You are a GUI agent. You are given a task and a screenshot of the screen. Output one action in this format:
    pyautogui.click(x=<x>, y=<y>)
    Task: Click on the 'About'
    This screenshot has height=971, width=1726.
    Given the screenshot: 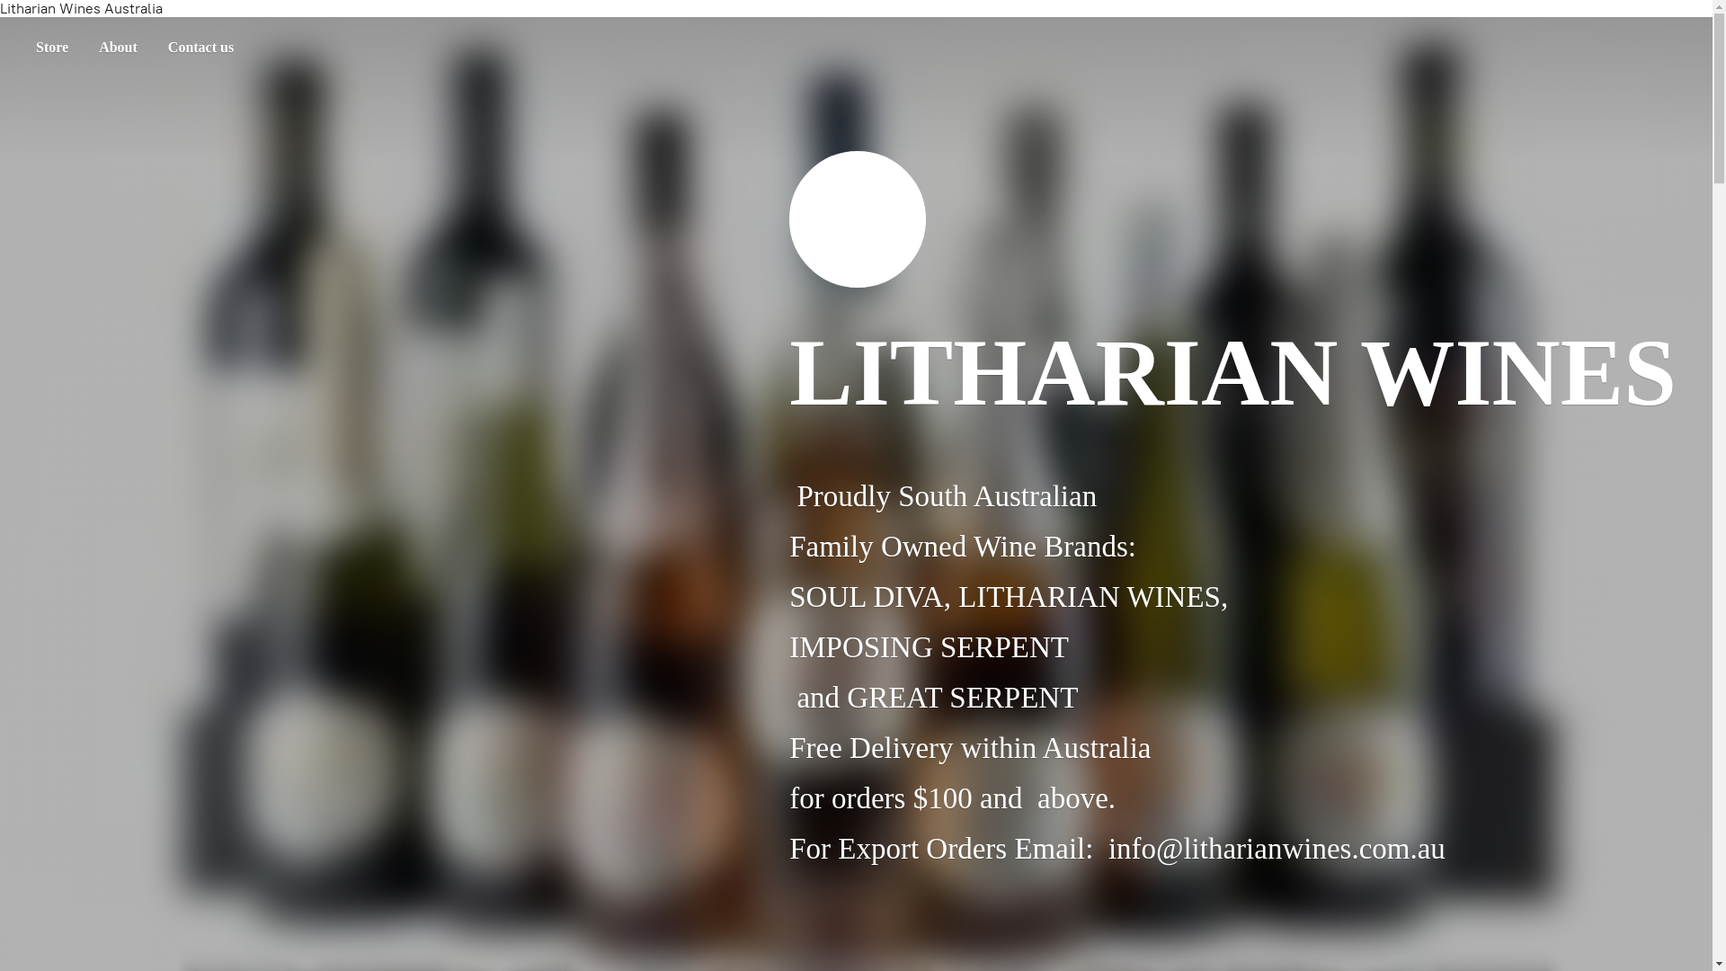 What is the action you would take?
    pyautogui.click(x=117, y=47)
    